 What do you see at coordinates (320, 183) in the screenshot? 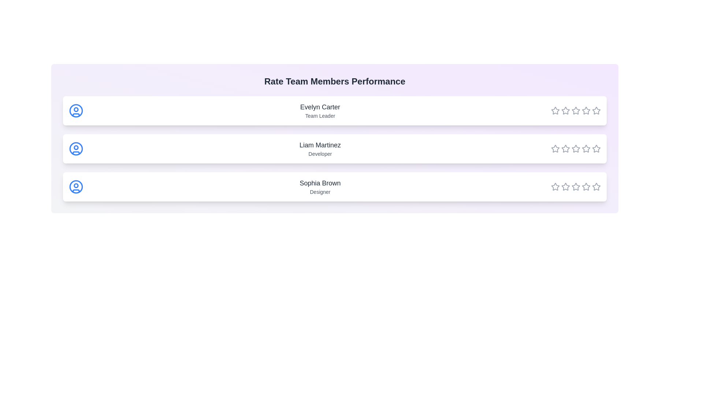
I see `the name of the team member Sophia Brown to select or highlight it` at bounding box center [320, 183].